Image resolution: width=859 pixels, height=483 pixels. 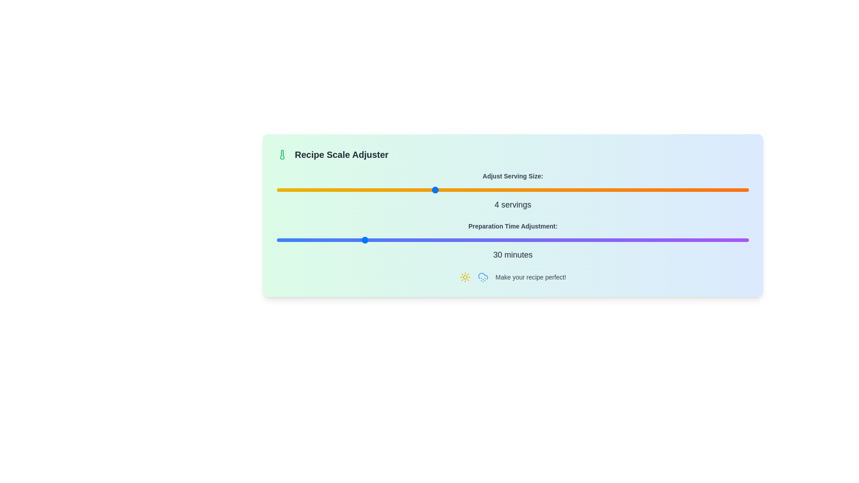 I want to click on the serving size, so click(x=276, y=189).